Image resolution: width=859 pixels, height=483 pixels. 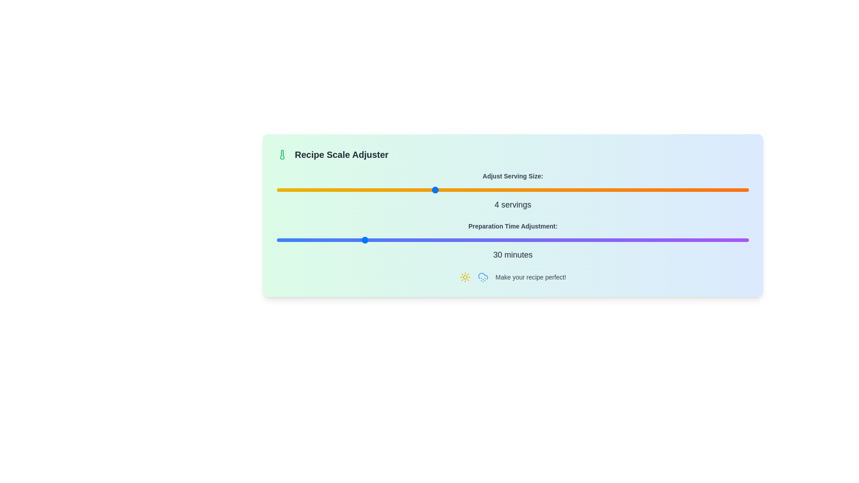 I want to click on the serving size, so click(x=276, y=189).